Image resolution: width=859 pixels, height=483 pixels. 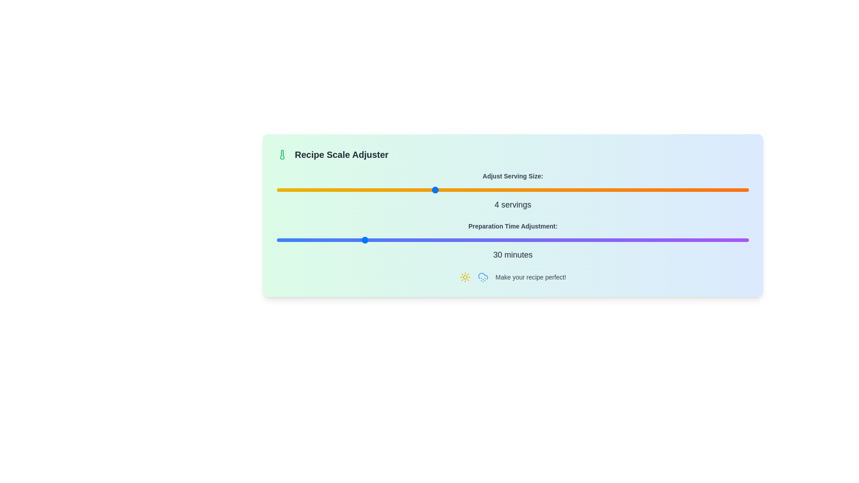 I want to click on the serving size, so click(x=276, y=189).